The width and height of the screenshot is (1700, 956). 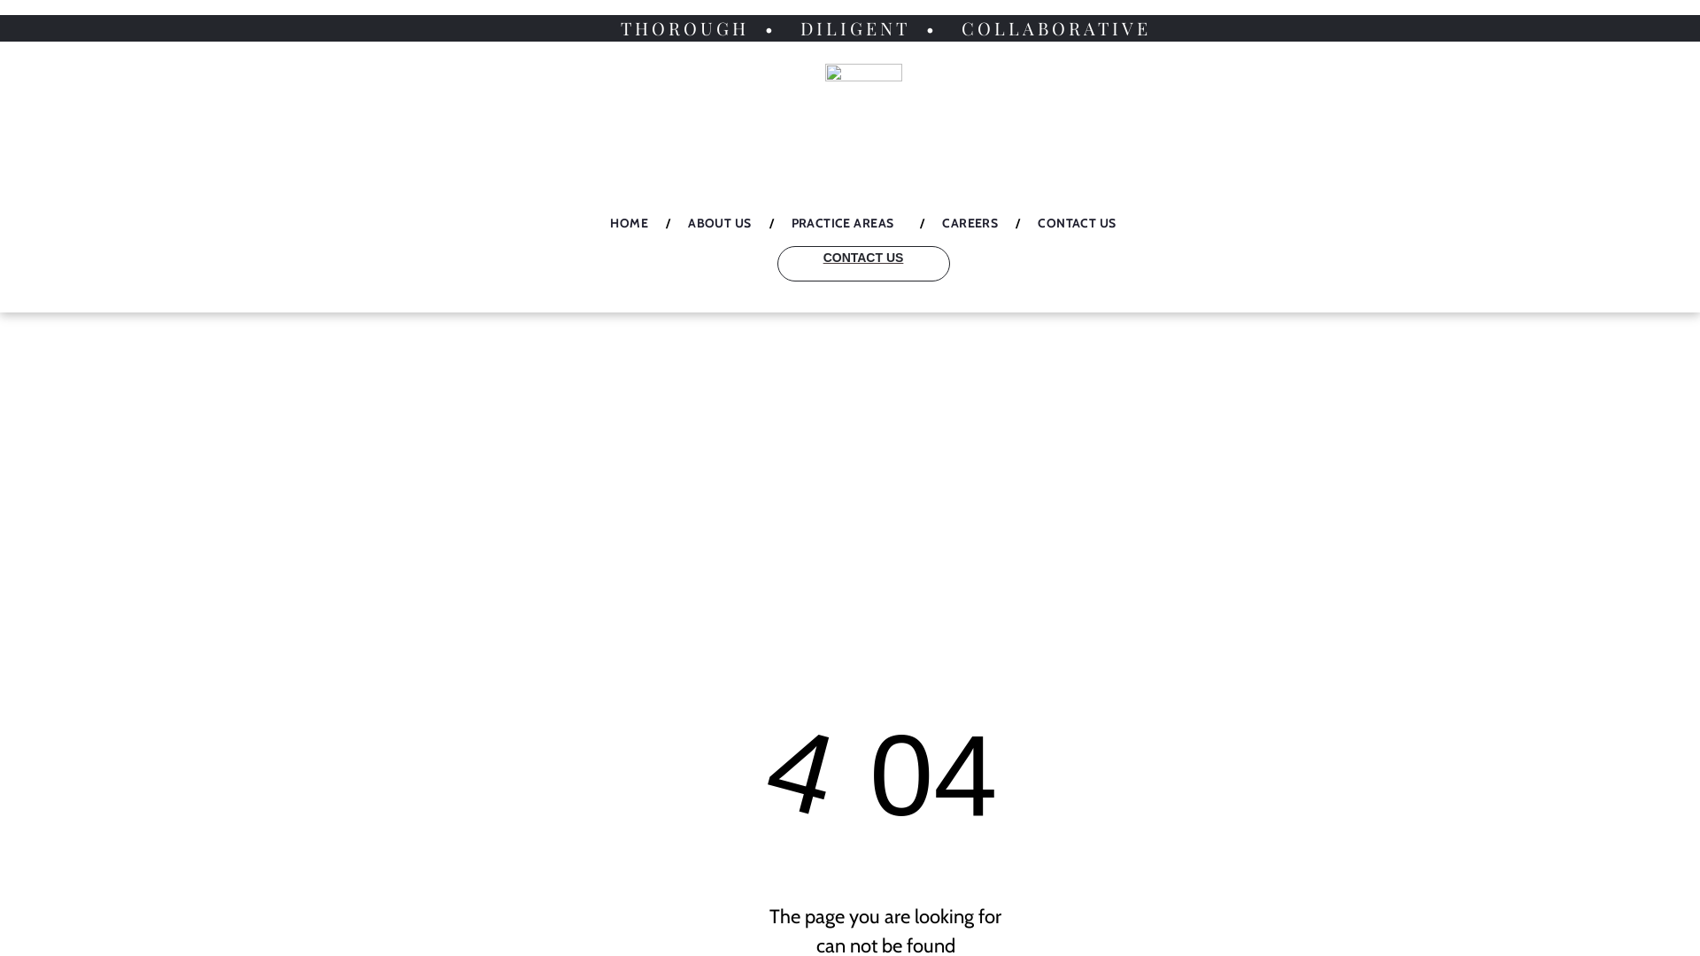 What do you see at coordinates (863, 263) in the screenshot?
I see `'CONTACT US'` at bounding box center [863, 263].